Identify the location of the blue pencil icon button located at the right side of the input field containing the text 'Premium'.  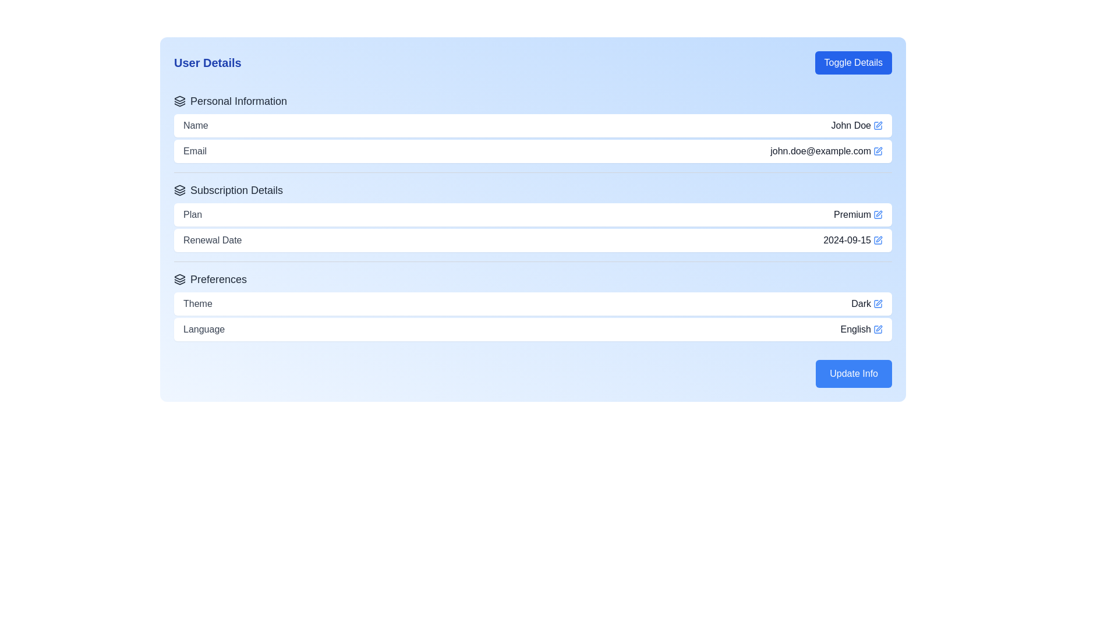
(879, 213).